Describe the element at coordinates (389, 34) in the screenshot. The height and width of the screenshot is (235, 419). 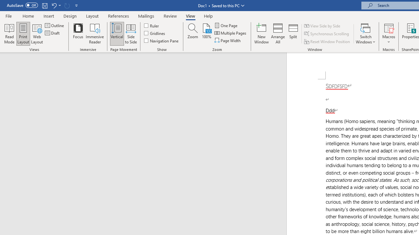
I see `'Macros'` at that location.